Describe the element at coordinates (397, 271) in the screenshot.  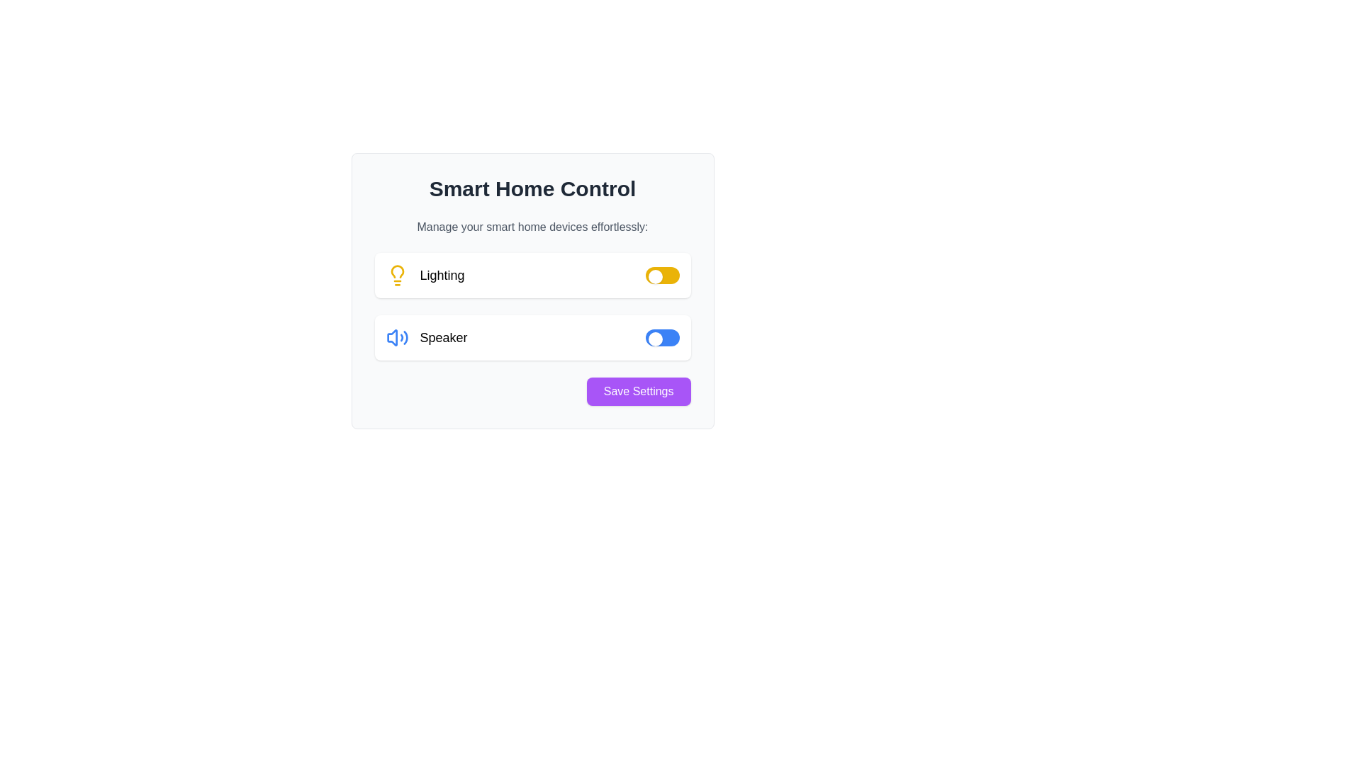
I see `the lightbulb icon located in the 'Lighting' section, which is styled with a yellow outline and positioned above the 'Lighting' text and to the left of the toggle switch` at that location.